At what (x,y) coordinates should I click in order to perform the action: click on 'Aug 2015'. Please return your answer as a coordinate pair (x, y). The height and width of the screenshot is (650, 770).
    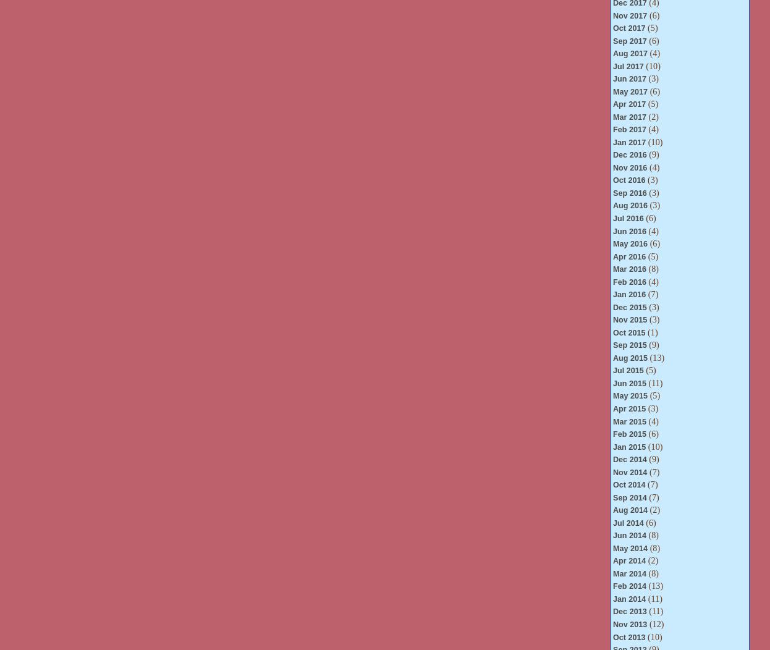
    Looking at the image, I should click on (629, 357).